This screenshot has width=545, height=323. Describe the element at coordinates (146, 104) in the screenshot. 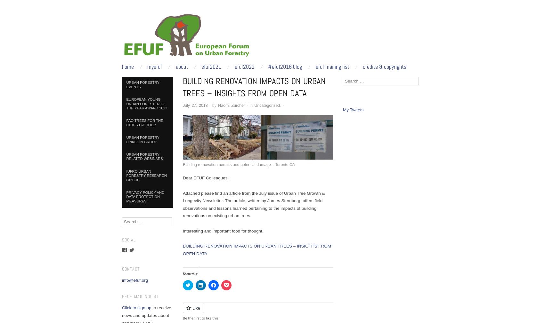

I see `'European Young Urban Forester of the Year Award 2022'` at that location.